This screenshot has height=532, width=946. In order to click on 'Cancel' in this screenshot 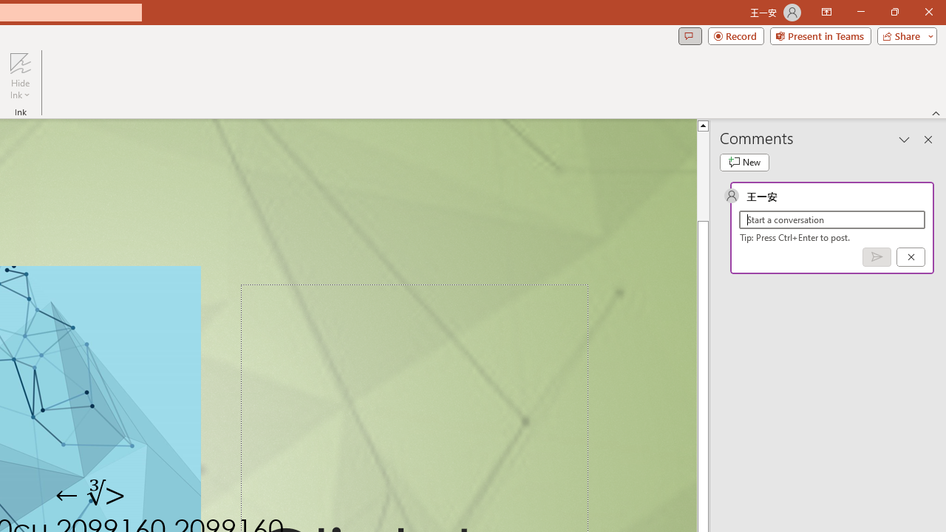, I will do `click(910, 256)`.